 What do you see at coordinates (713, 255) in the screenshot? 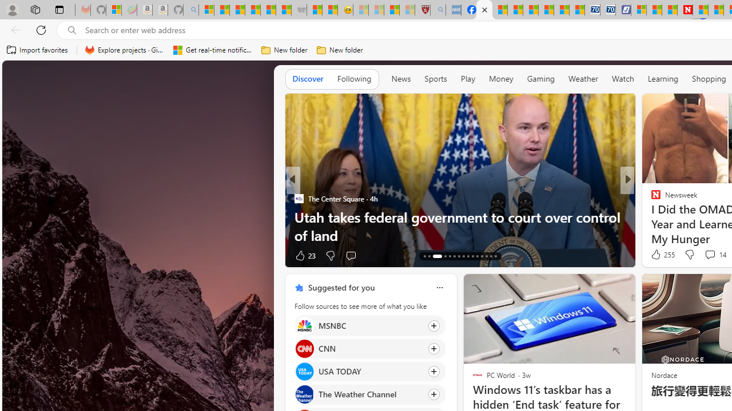
I see `'View comments 114 Comment'` at bounding box center [713, 255].